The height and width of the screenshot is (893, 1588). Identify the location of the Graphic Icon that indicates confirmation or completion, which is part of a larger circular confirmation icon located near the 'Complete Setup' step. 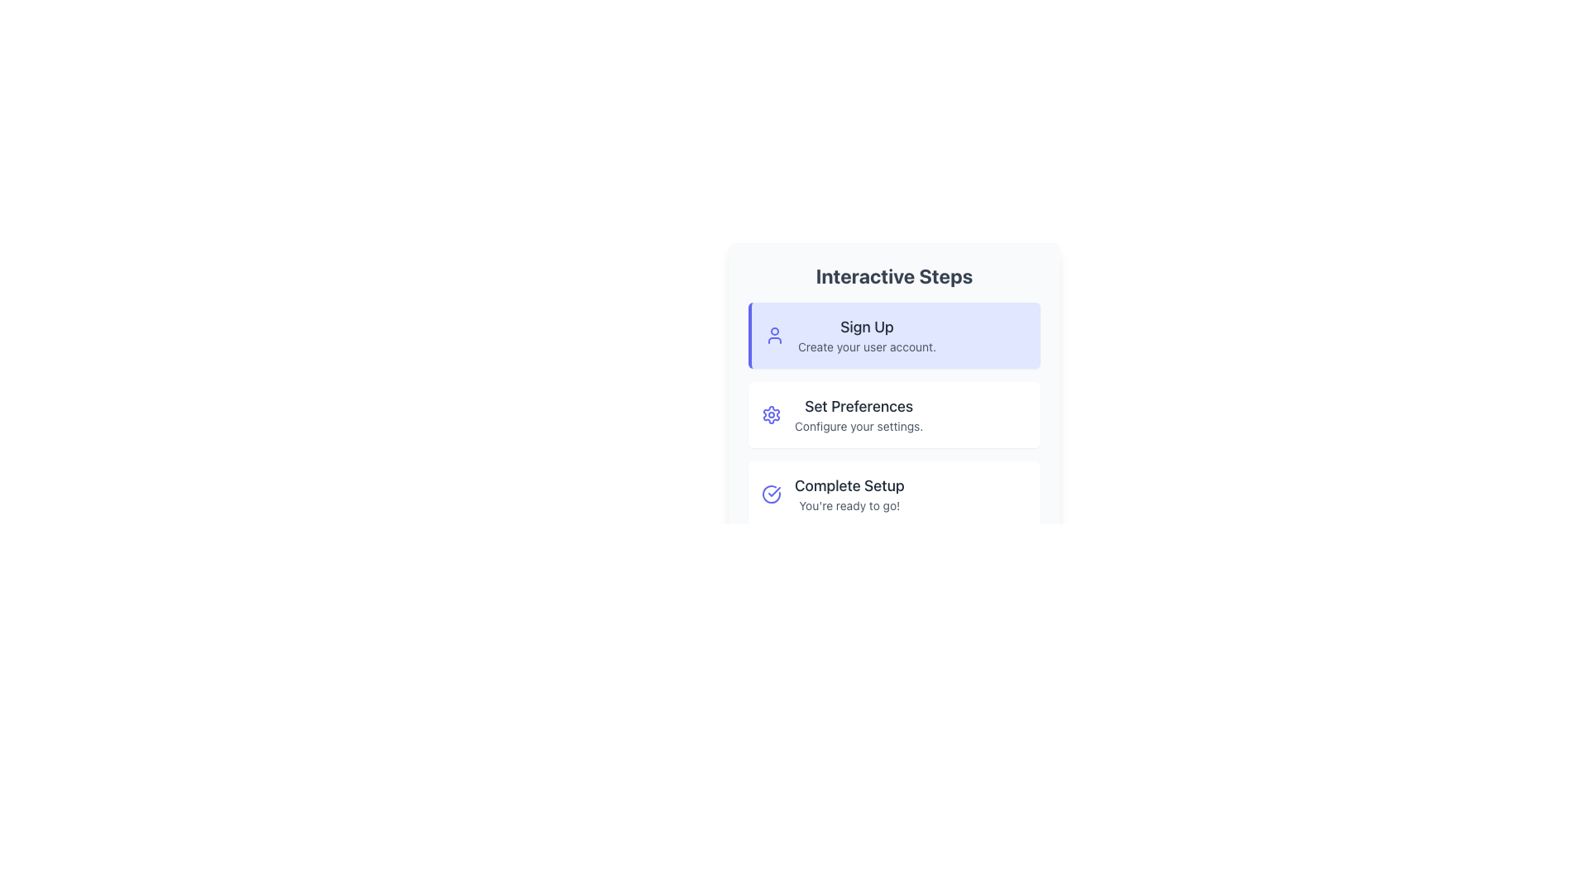
(773, 490).